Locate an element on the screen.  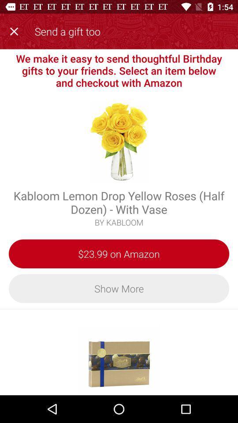
the item above we make it is located at coordinates (16, 30).